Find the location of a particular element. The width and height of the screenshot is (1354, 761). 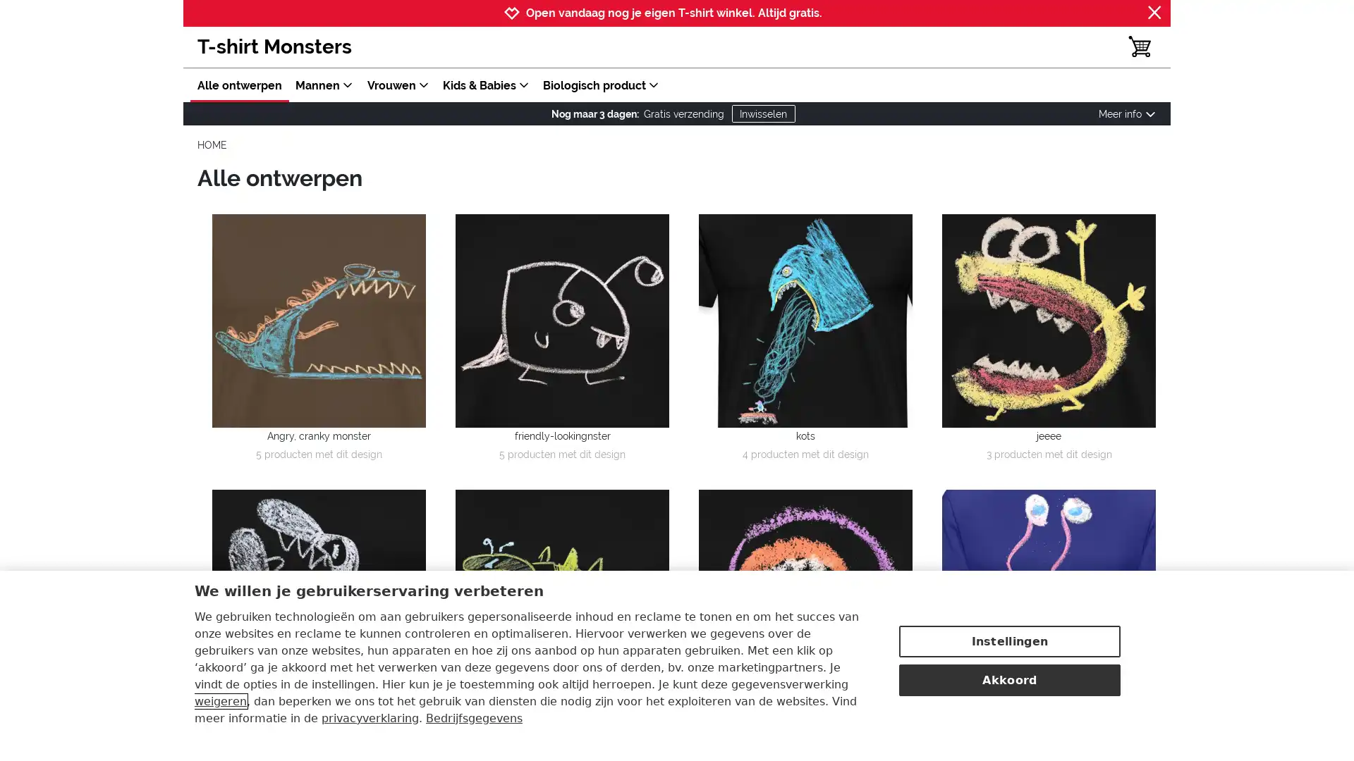

Akkoord is located at coordinates (1008, 679).